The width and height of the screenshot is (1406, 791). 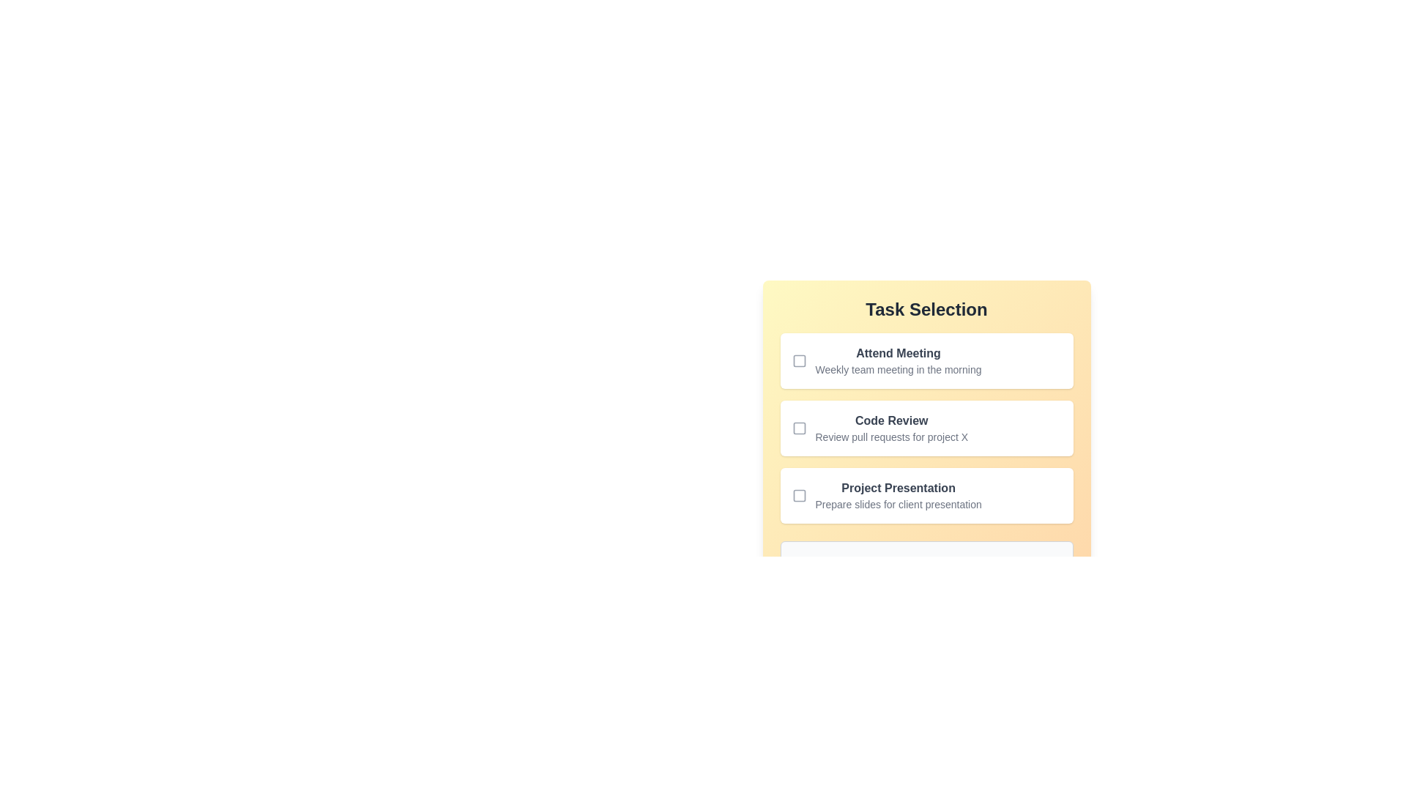 I want to click on the checkbox associated with the task titled 'Project Presentation', so click(x=798, y=495).